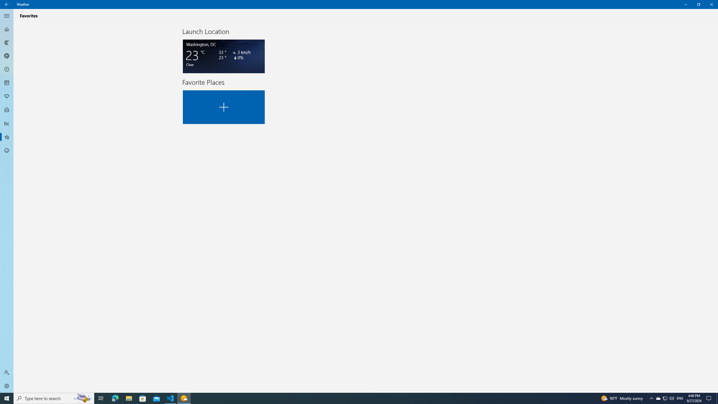 The width and height of the screenshot is (718, 404). I want to click on 'Add to Favorites', so click(224, 107).